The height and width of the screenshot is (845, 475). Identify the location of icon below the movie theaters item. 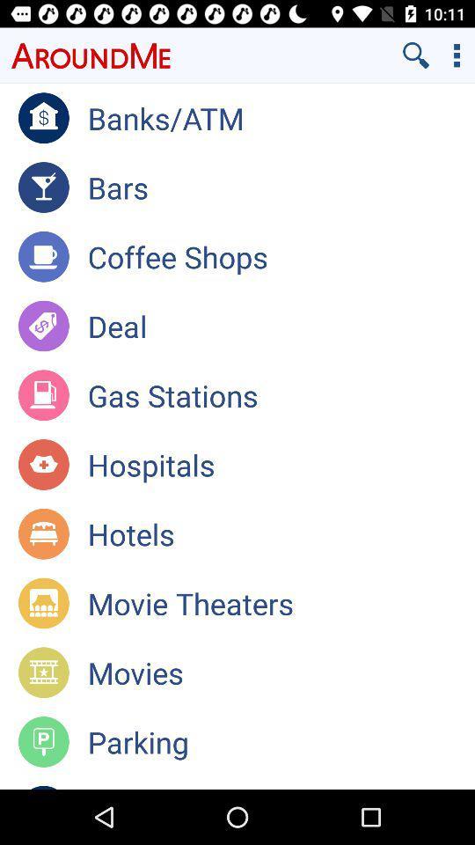
(281, 672).